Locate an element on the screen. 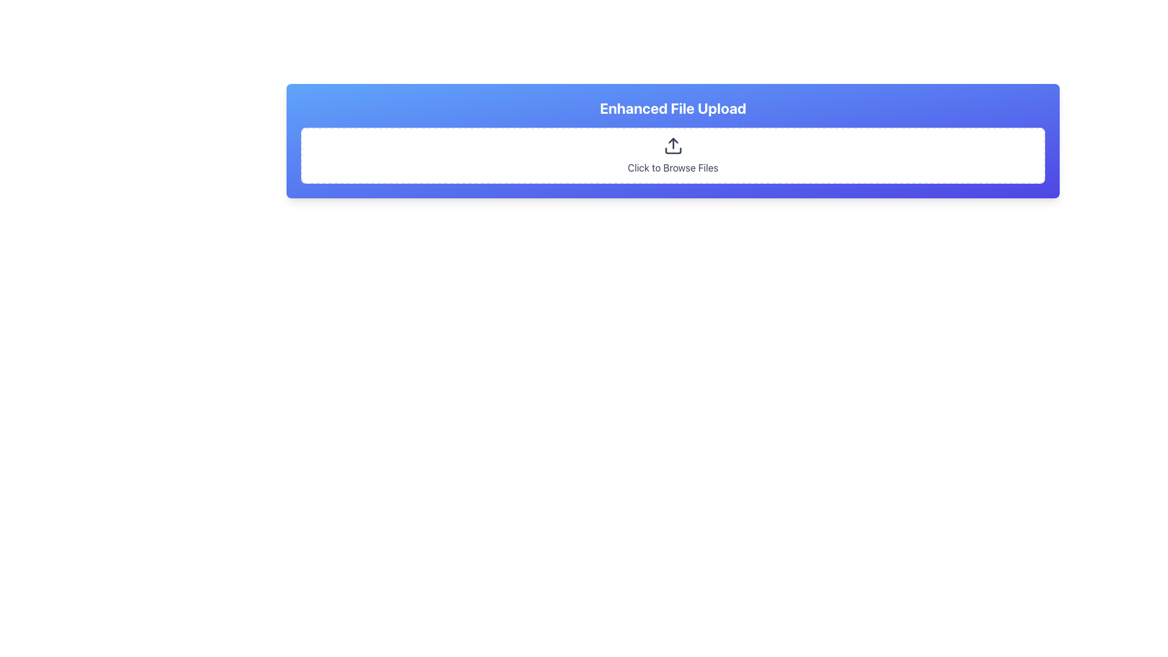 Image resolution: width=1168 pixels, height=657 pixels. the upload icon, which features an upward pointing arrow and a line segment, located in the file upload section above the text 'Click to Browse Files' is located at coordinates (672, 145).